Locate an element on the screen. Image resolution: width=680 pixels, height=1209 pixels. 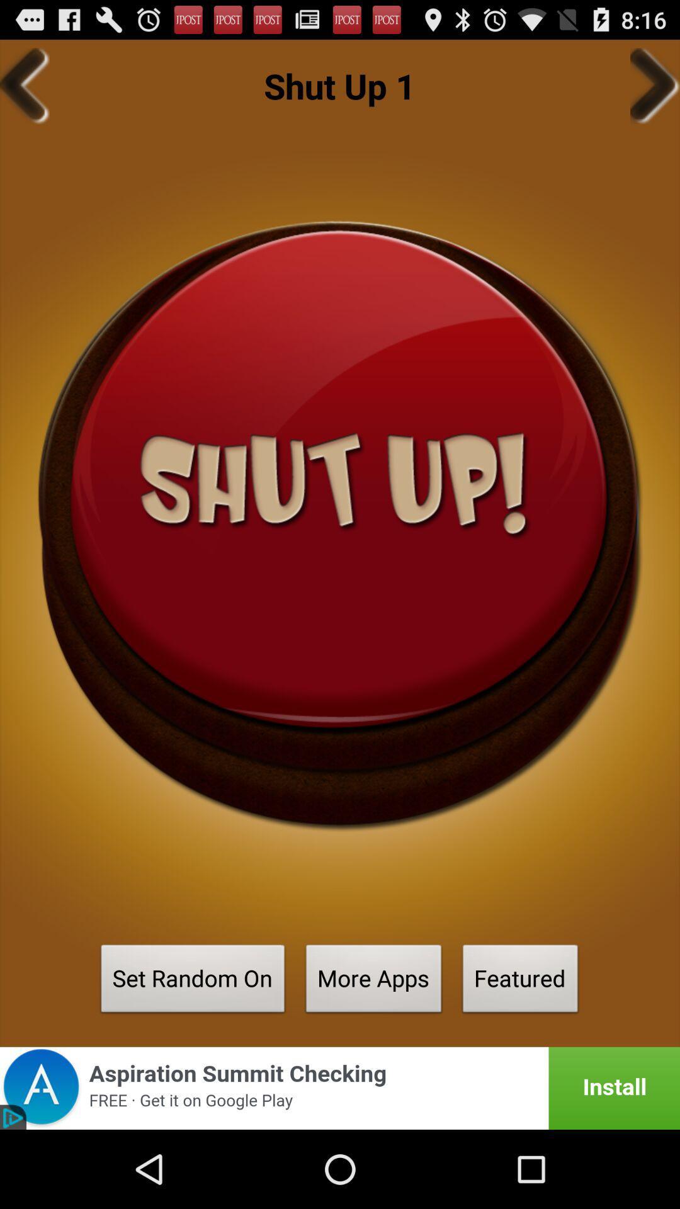
the set random on icon is located at coordinates (193, 982).